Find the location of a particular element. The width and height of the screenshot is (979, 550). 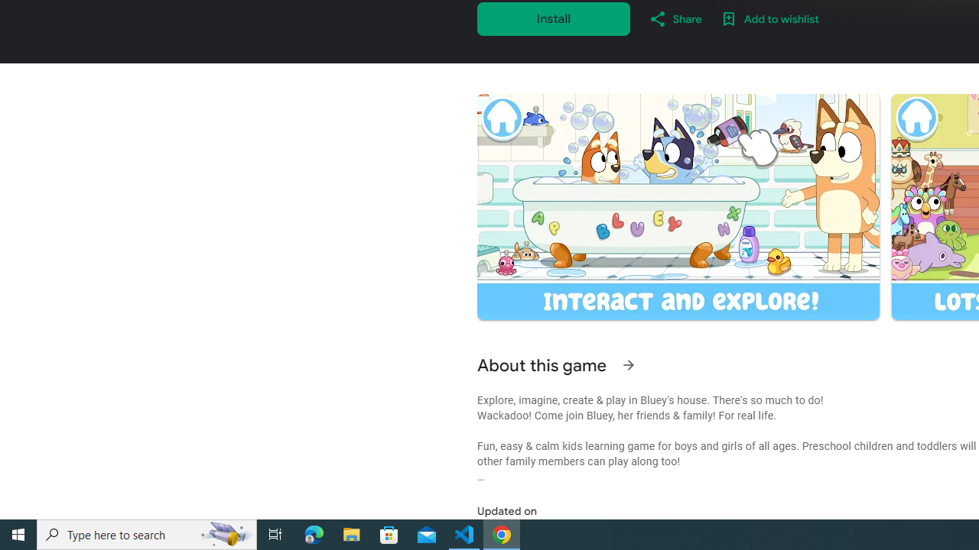

'Add to wishlist' is located at coordinates (769, 18).